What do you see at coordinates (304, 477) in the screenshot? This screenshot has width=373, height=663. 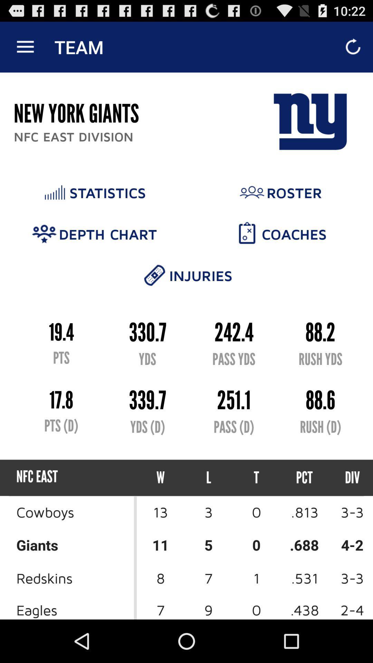 I see `the pct` at bounding box center [304, 477].